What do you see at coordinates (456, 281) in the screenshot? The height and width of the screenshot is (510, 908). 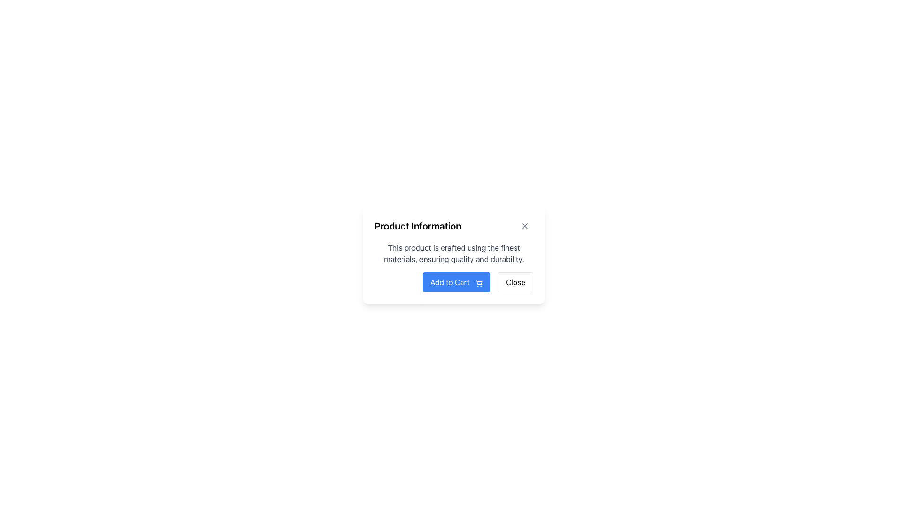 I see `the blue 'Add to Cart' button located at the bottom-center of the modal` at bounding box center [456, 281].